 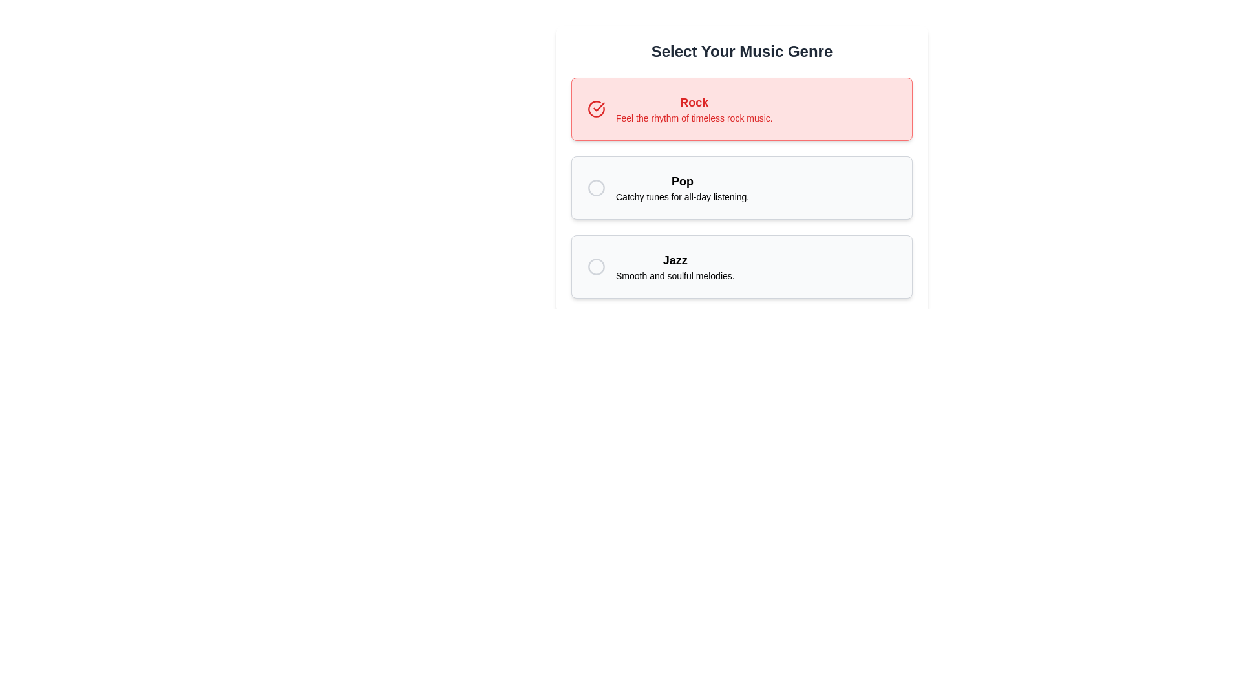 What do you see at coordinates (694, 101) in the screenshot?
I see `the 'Rock' music genre title label` at bounding box center [694, 101].